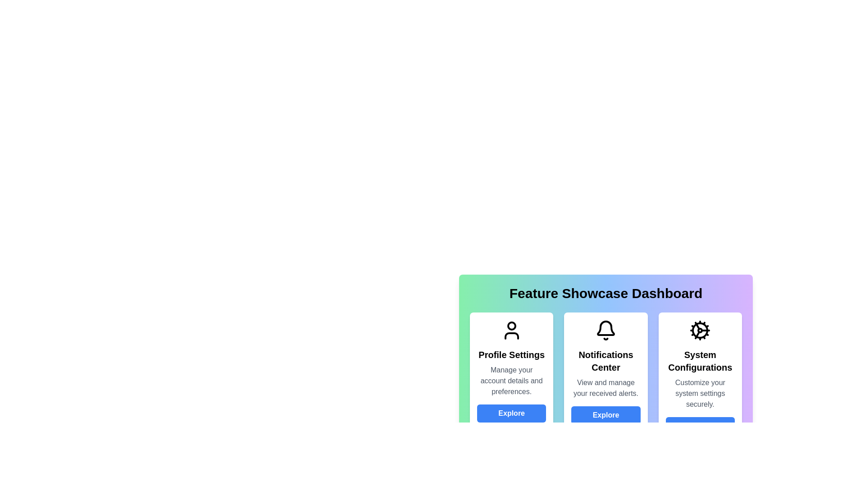  I want to click on text label that serves as the header for managing notifications and alerts, located centrally below a bell icon and above a descriptive paragraph, so click(605, 361).